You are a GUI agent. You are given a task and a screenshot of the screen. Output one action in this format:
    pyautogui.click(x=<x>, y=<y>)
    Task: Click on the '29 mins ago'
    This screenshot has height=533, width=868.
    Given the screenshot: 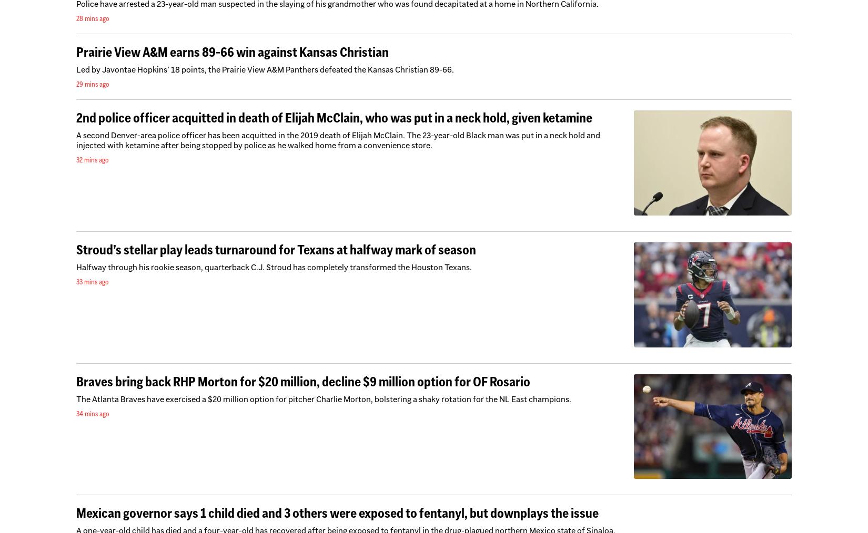 What is the action you would take?
    pyautogui.click(x=76, y=84)
    